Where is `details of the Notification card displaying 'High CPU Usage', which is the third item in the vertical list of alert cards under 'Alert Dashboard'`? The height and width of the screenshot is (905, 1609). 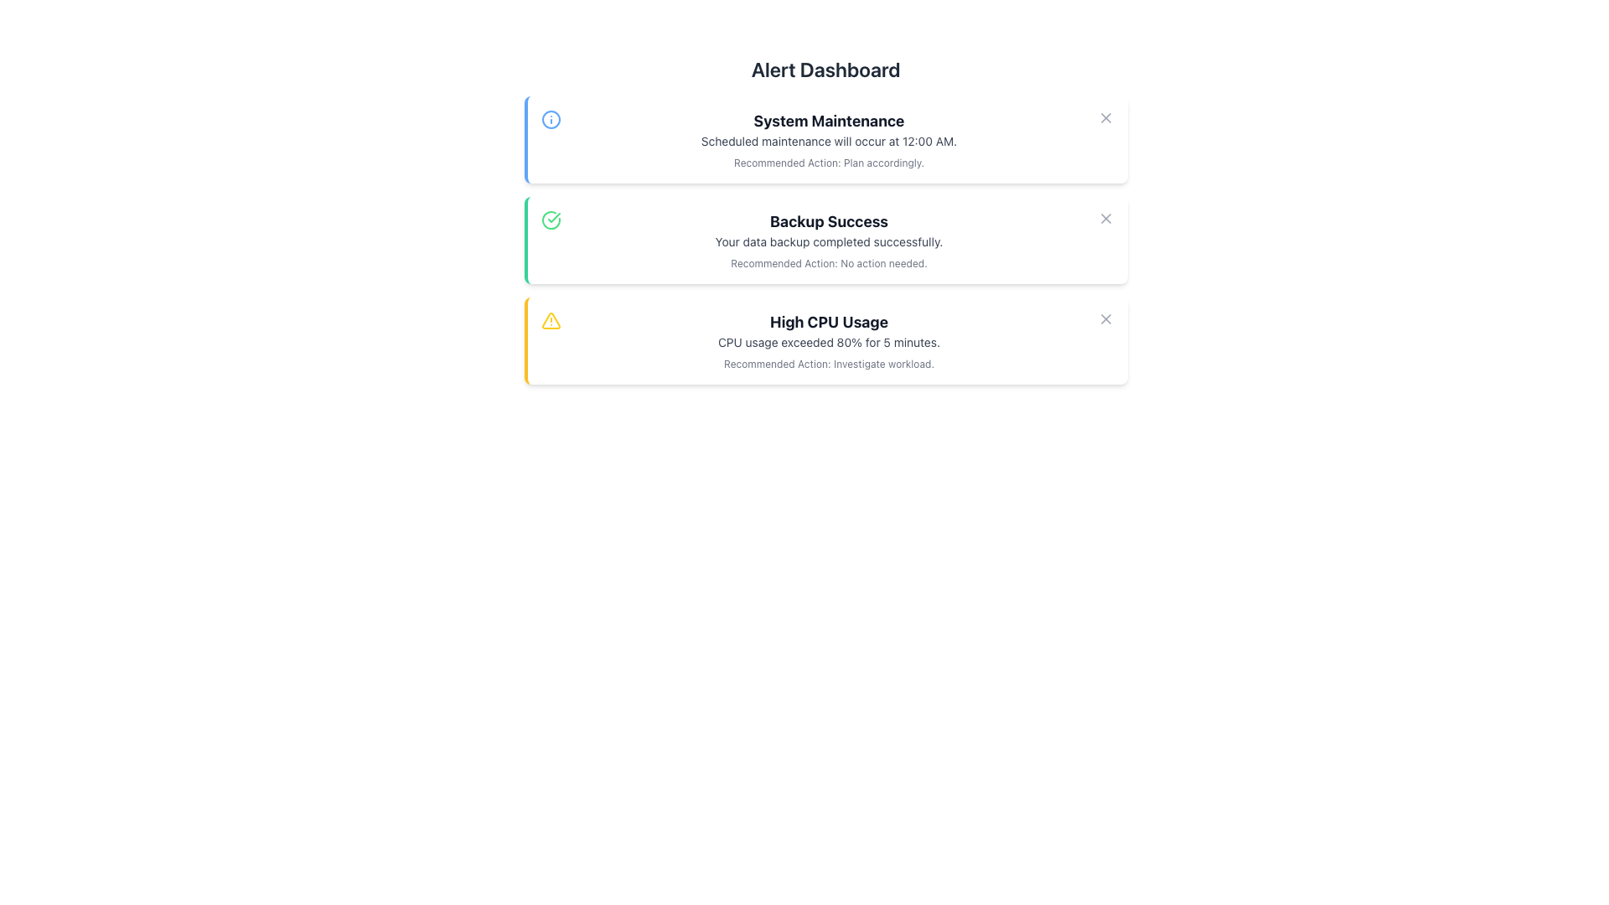 details of the Notification card displaying 'High CPU Usage', which is the third item in the vertical list of alert cards under 'Alert Dashboard' is located at coordinates (825, 340).